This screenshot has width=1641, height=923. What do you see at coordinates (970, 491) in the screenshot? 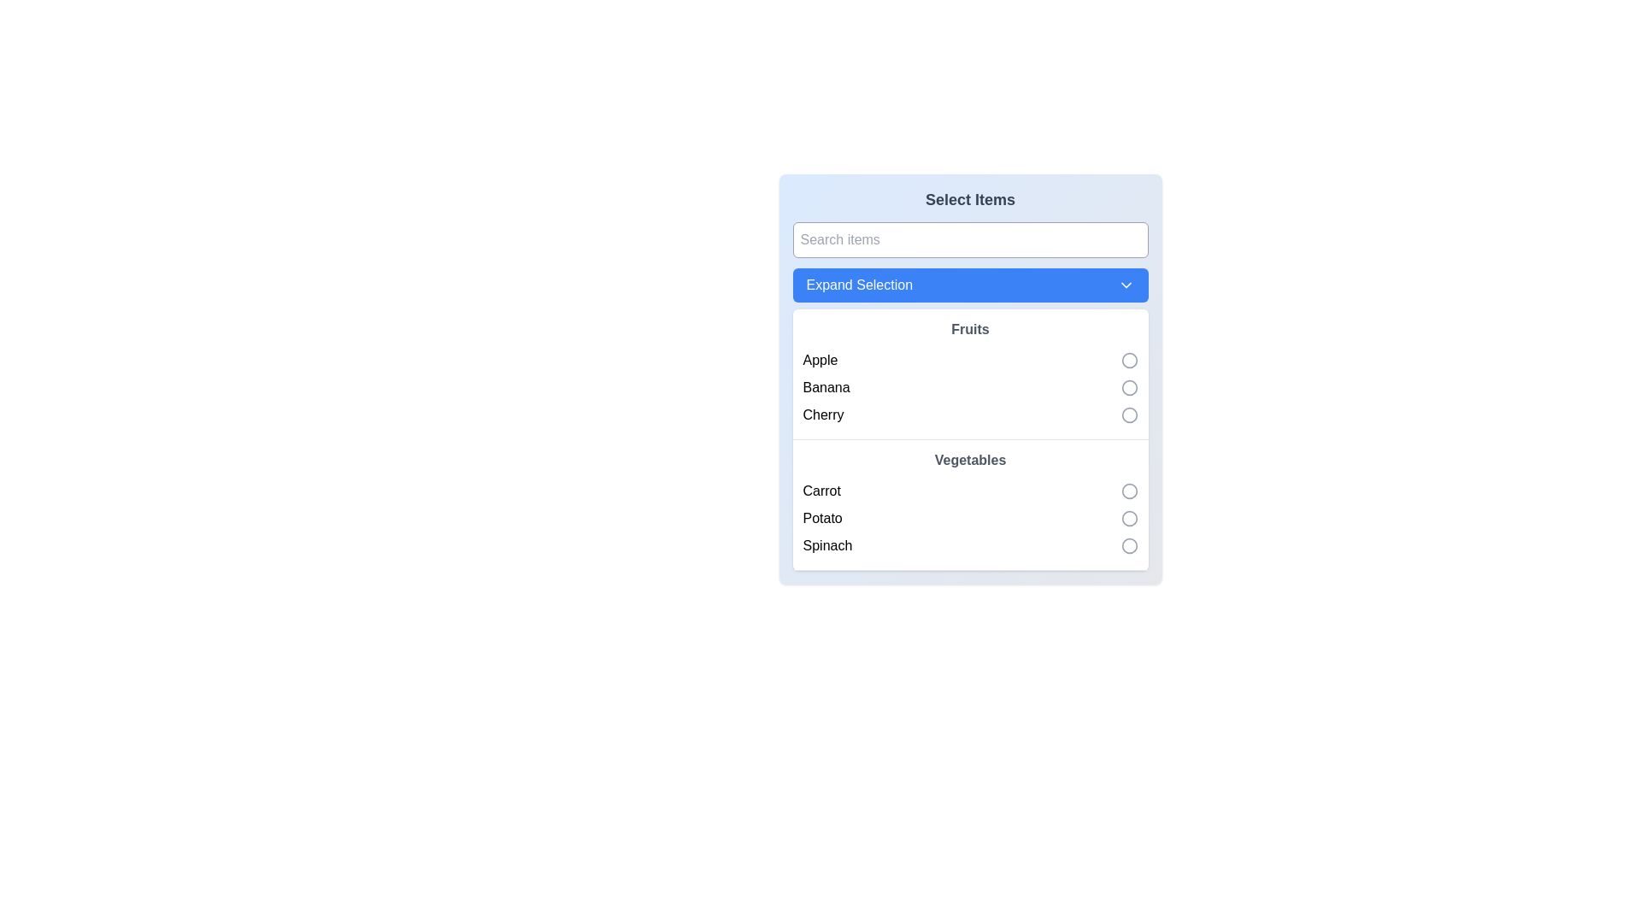
I see `the list item labeled 'Carrot'` at bounding box center [970, 491].